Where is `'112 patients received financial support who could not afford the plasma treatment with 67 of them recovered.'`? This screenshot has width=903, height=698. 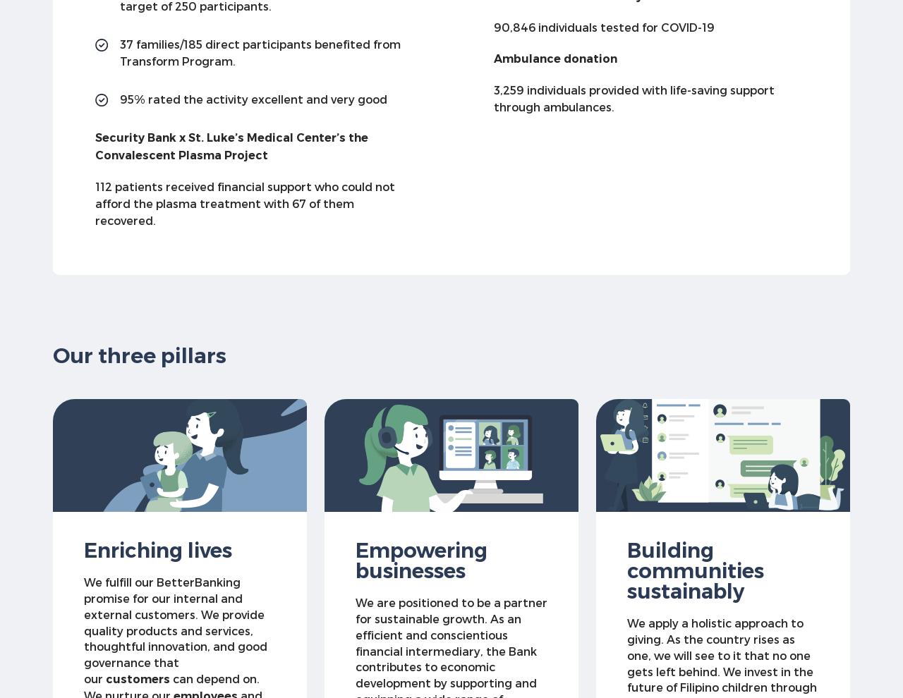
'112 patients received financial support who could not afford the plasma treatment with 67 of them recovered.' is located at coordinates (245, 203).